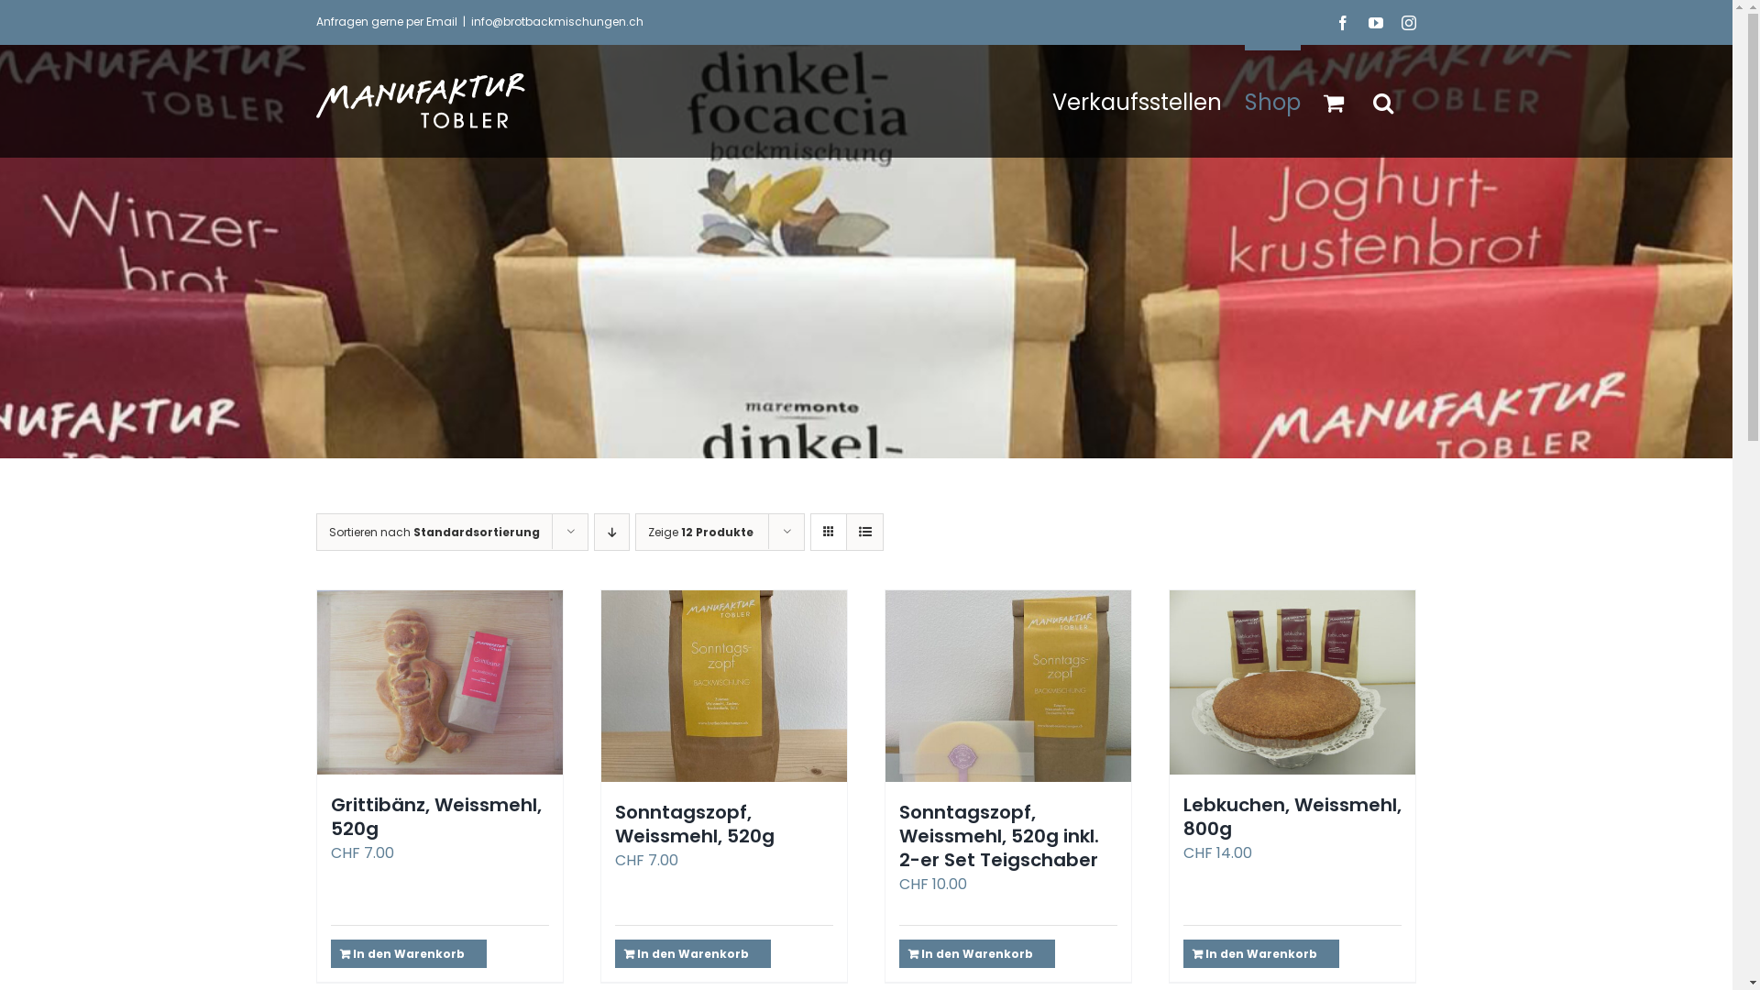 The height and width of the screenshot is (990, 1760). What do you see at coordinates (1292, 816) in the screenshot?
I see `'Lebkuchen, Weissmehl, 800g'` at bounding box center [1292, 816].